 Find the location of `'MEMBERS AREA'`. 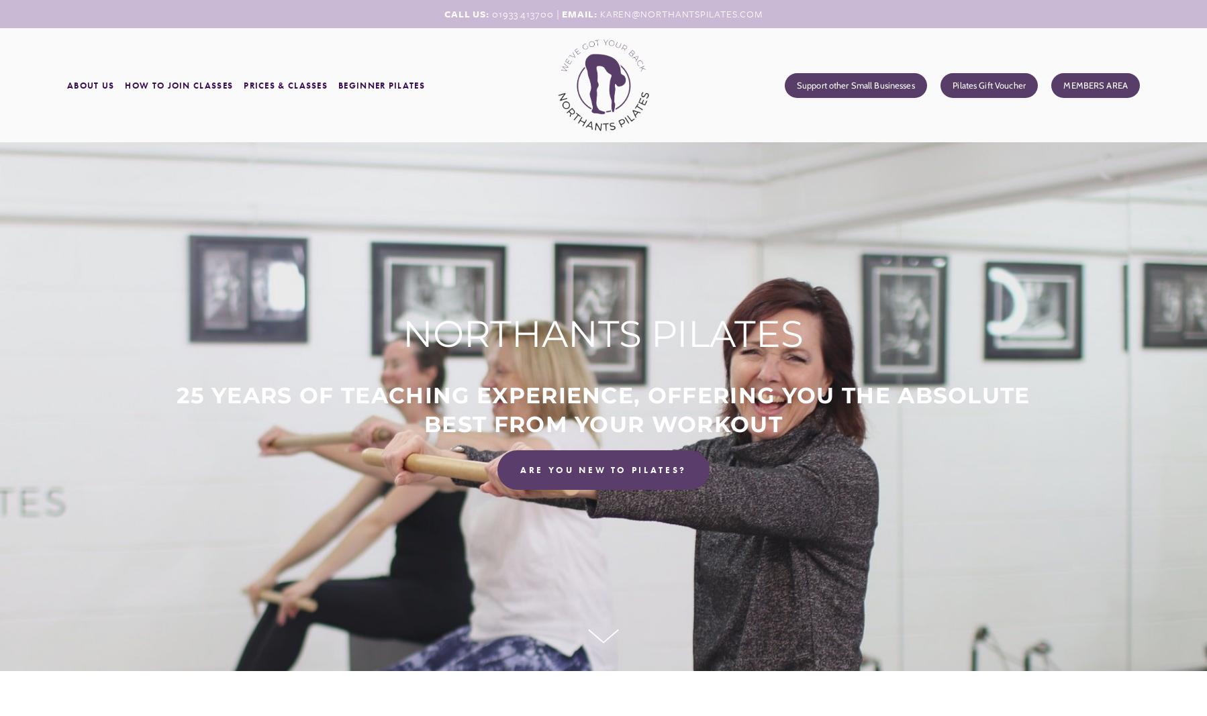

'MEMBERS AREA' is located at coordinates (1063, 84).